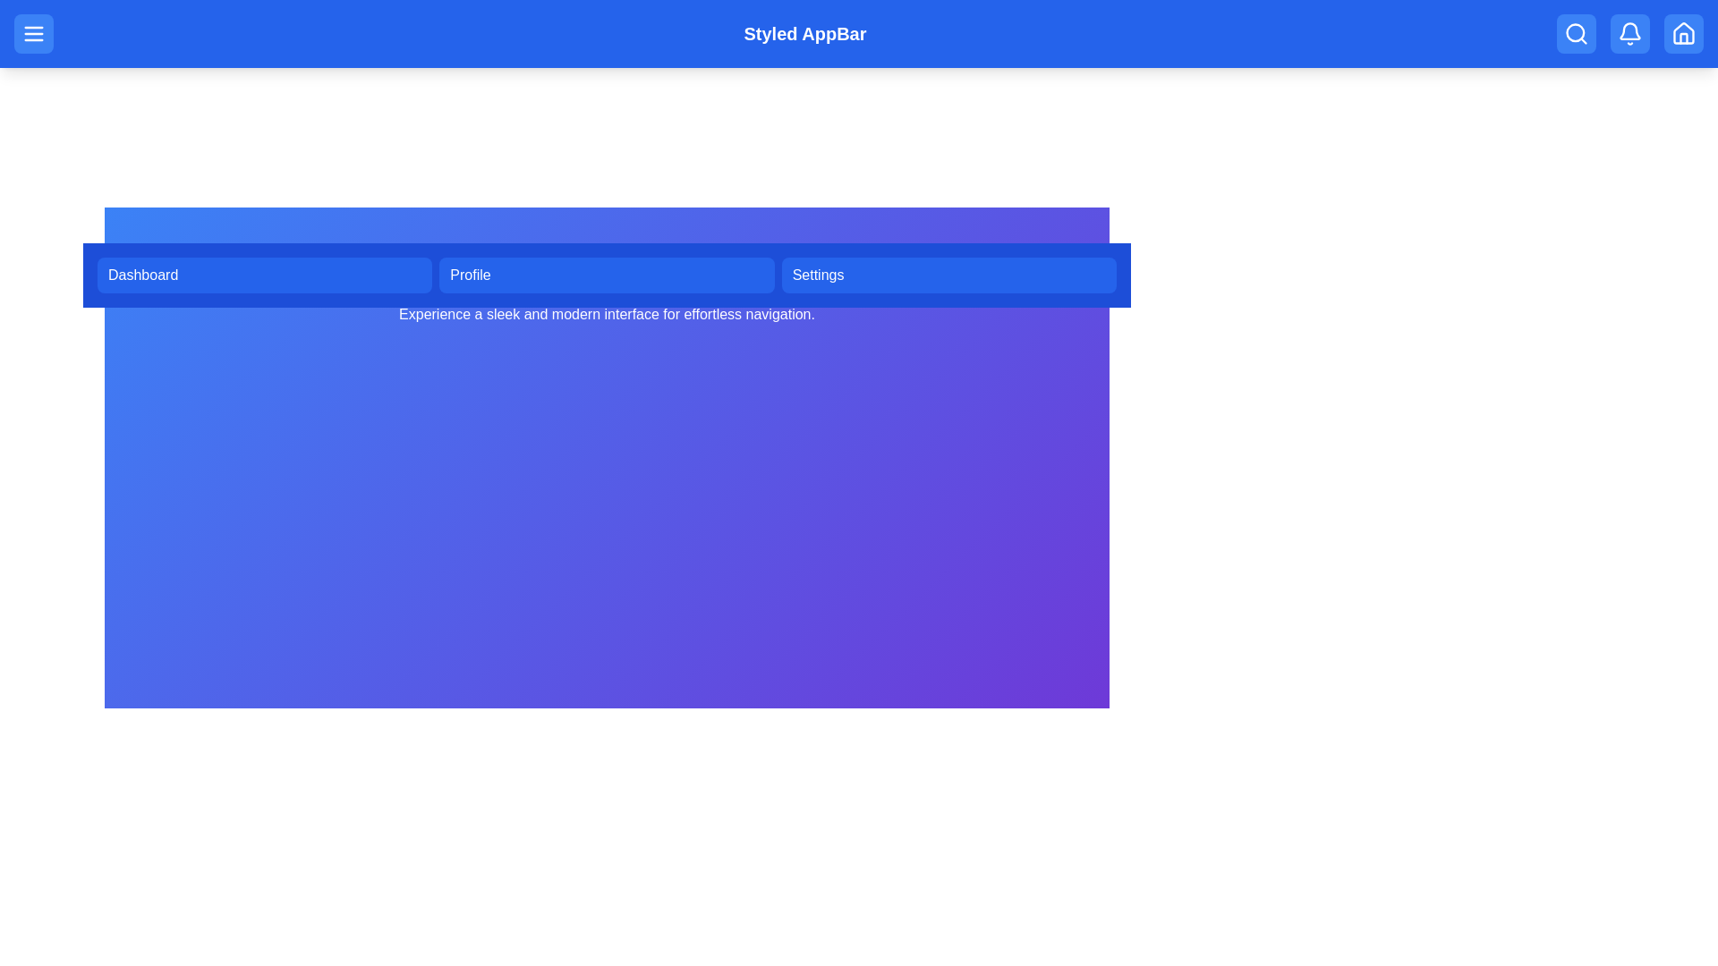 The height and width of the screenshot is (966, 1718). I want to click on the navigation menu button corresponding to Settings, so click(948, 275).